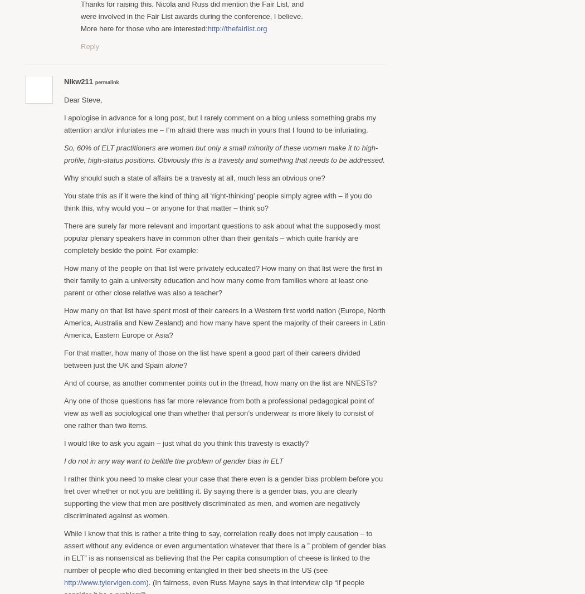  Describe the element at coordinates (222, 237) in the screenshot. I see `'There are surely far more relevant and important questions to ask about what the supposedly most popular plenary speakers have in common other than their genitals – which quite frankly are completely beside the point. For example:'` at that location.